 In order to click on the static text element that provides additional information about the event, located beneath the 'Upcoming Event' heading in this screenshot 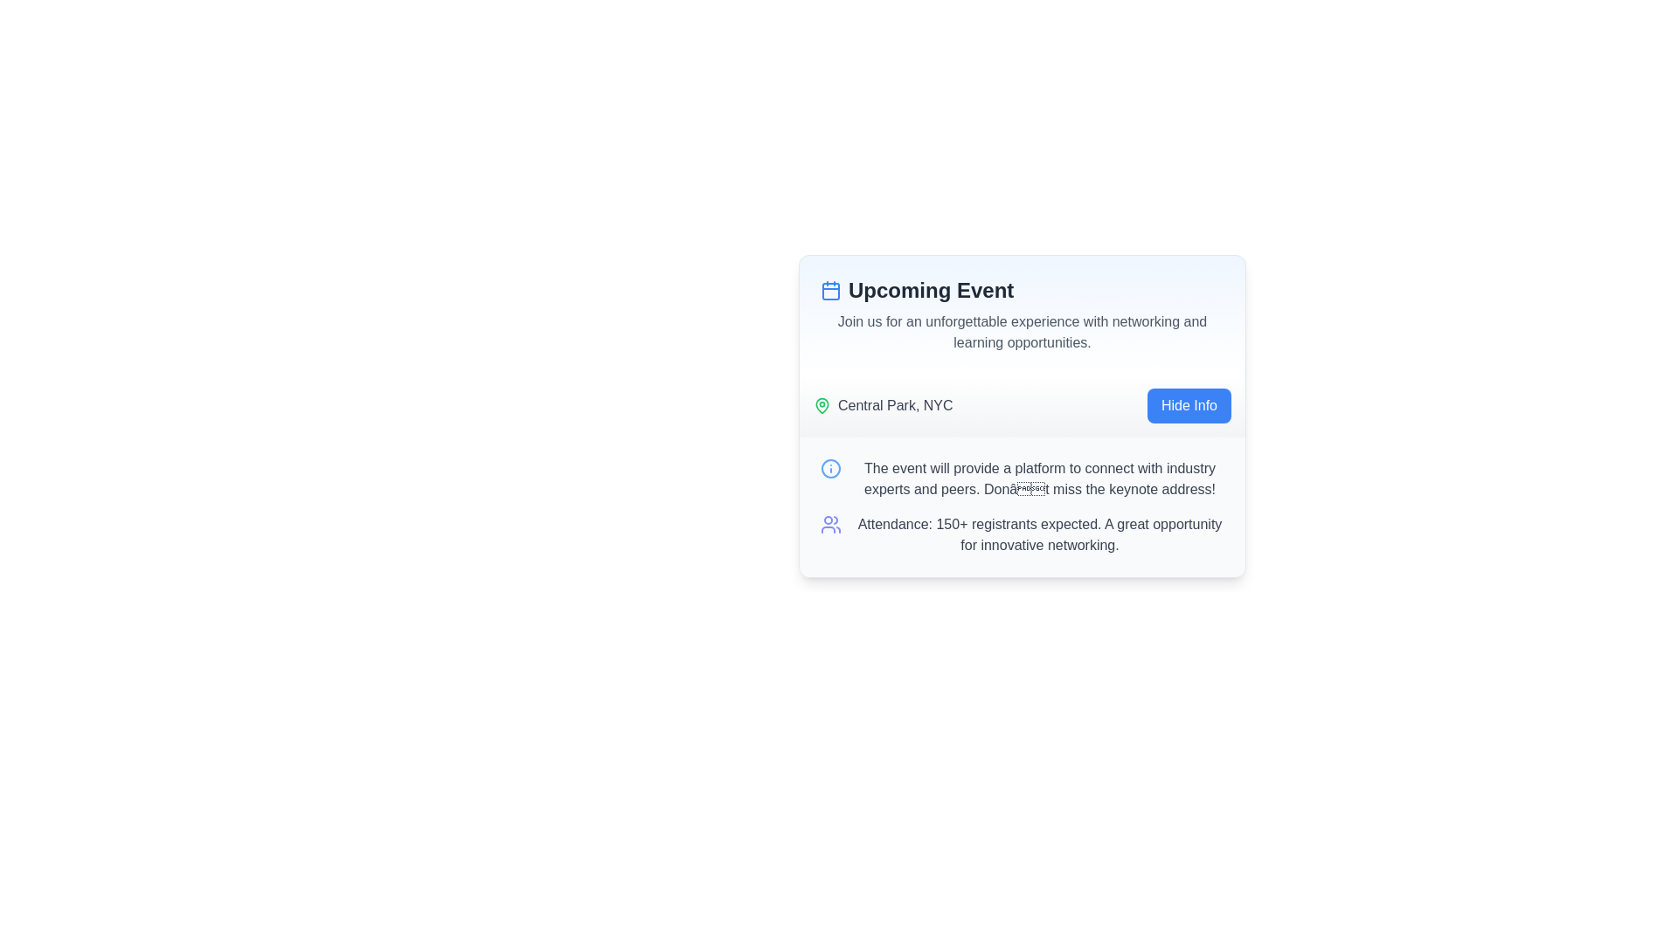, I will do `click(1023, 333)`.